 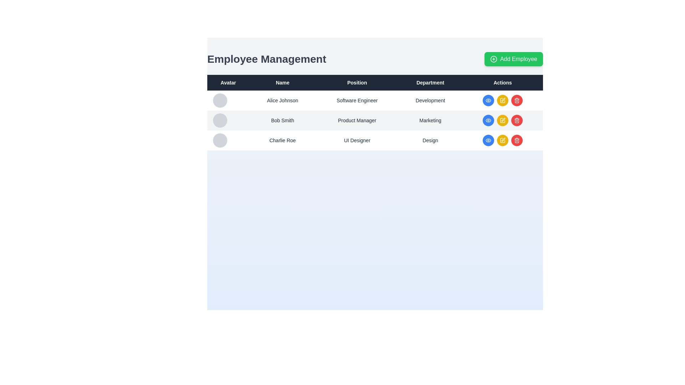 What do you see at coordinates (502, 120) in the screenshot?
I see `the 'Edit' button in the Actions column for the employee 'Bob Smith', which is the second button in a set of three` at bounding box center [502, 120].